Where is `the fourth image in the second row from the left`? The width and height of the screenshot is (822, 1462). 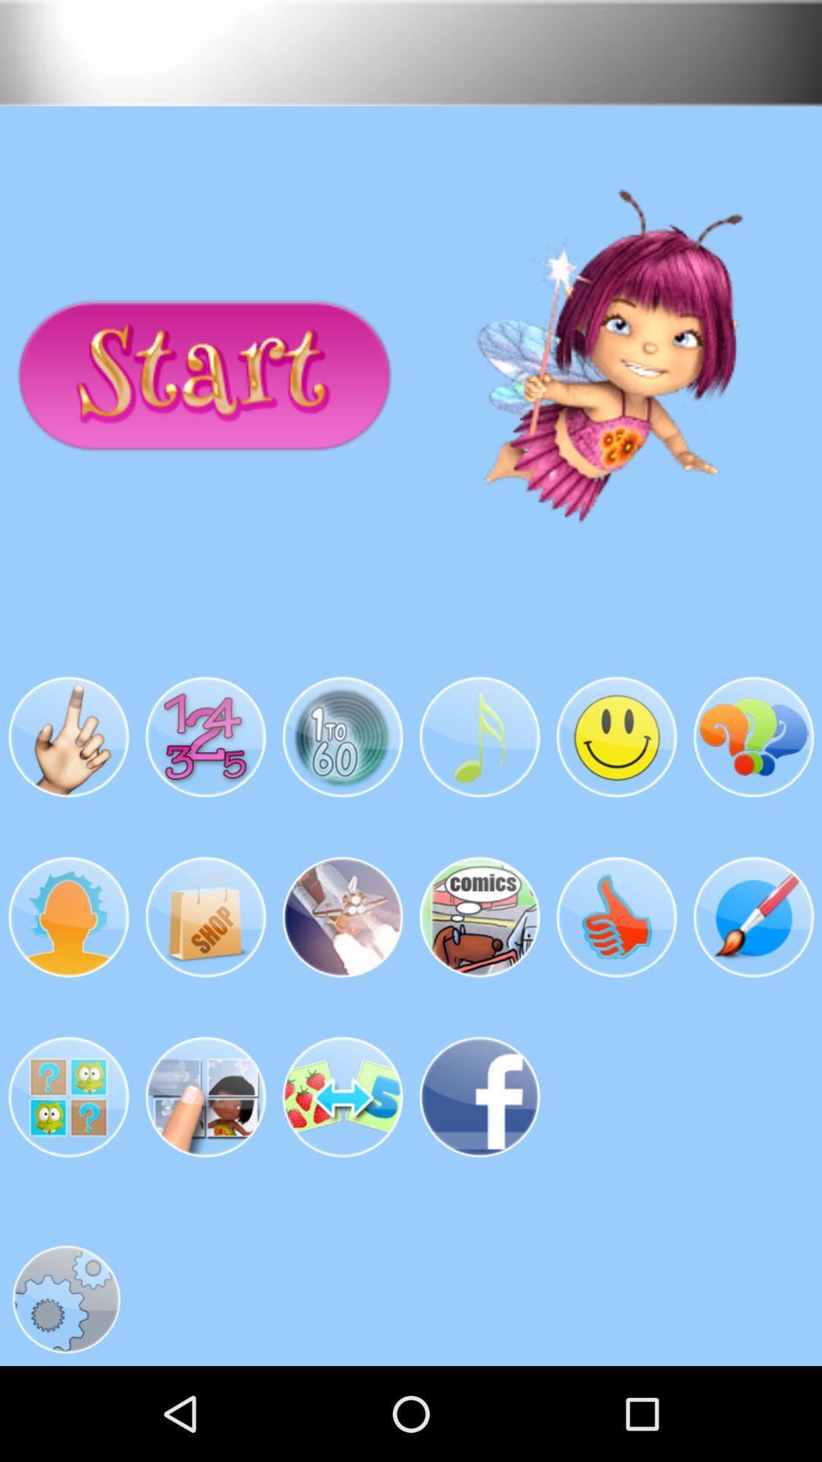
the fourth image in the second row from the left is located at coordinates (478, 916).